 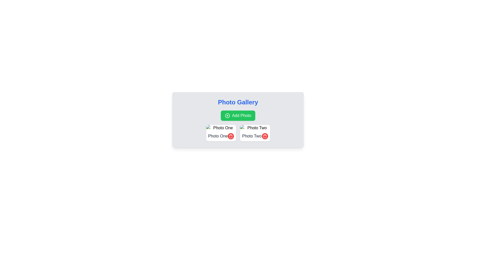 What do you see at coordinates (265, 136) in the screenshot?
I see `the delete icon located in the bottom-right corner of the 'Photo Two' card` at bounding box center [265, 136].